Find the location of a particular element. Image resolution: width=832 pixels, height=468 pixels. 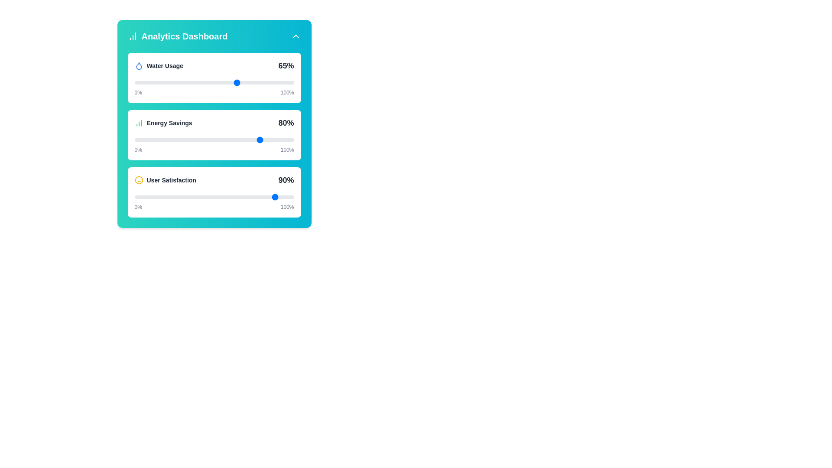

the Text label indicating user satisfaction percentage in the Analytics Dashboard, which is located horizontally right of the 'User Satisfaction' label is located at coordinates (286, 180).